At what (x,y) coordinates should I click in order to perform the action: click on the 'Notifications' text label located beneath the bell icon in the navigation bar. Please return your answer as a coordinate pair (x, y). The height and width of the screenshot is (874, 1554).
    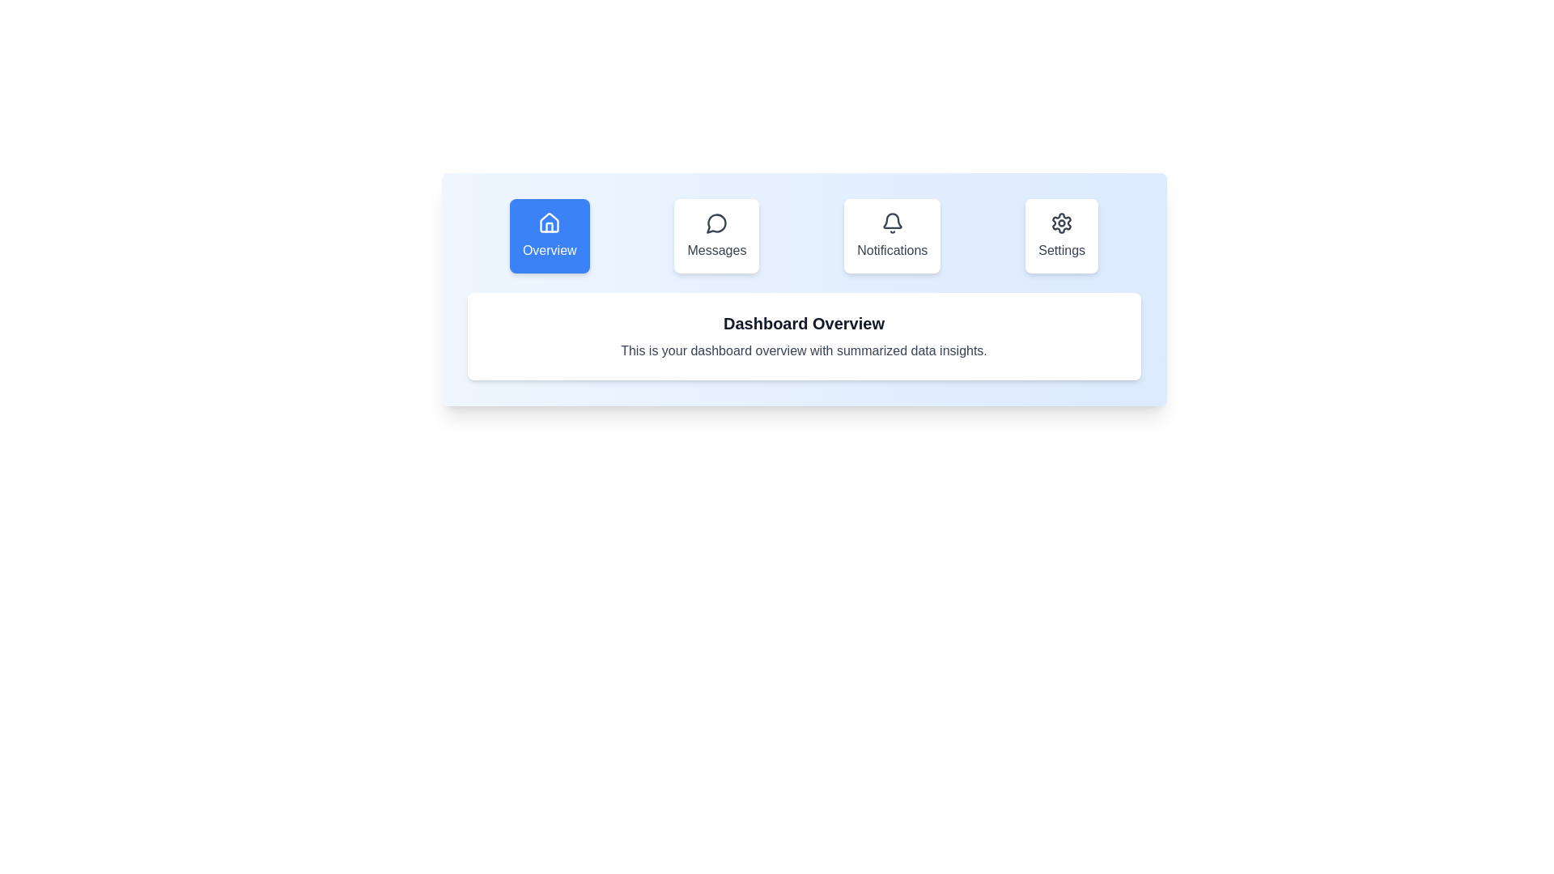
    Looking at the image, I should click on (891, 250).